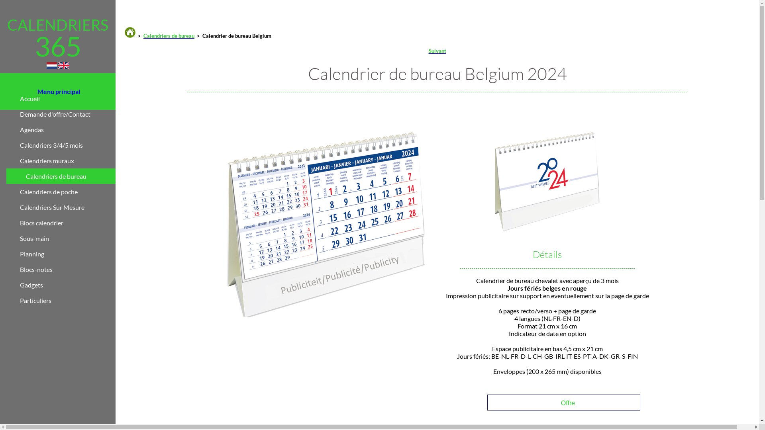  Describe the element at coordinates (67, 254) in the screenshot. I see `'Planning'` at that location.